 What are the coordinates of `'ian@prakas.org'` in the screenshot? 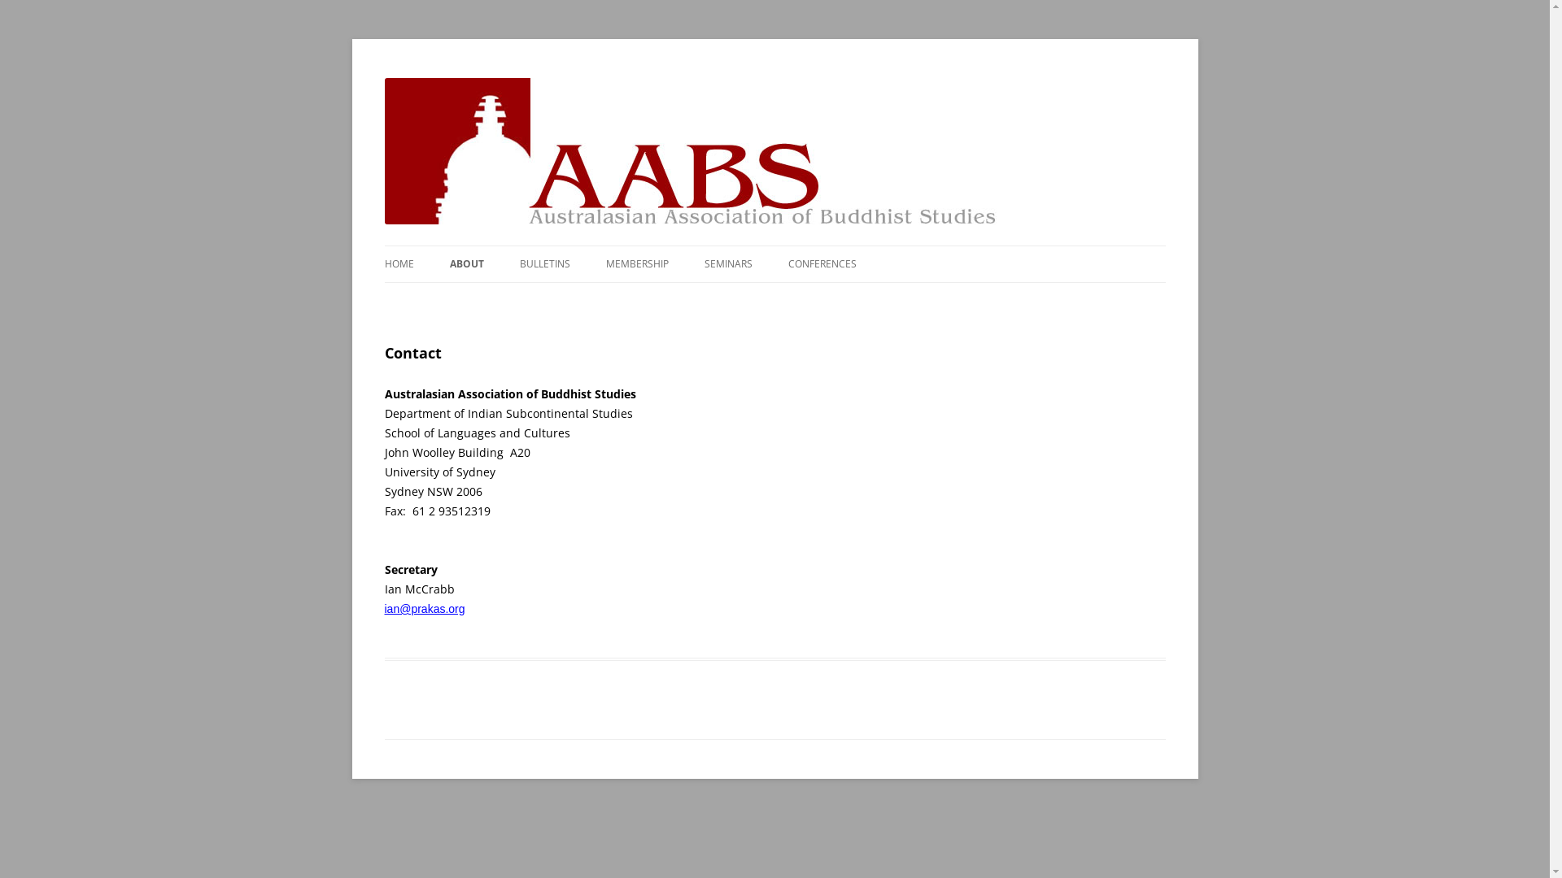 It's located at (424, 608).